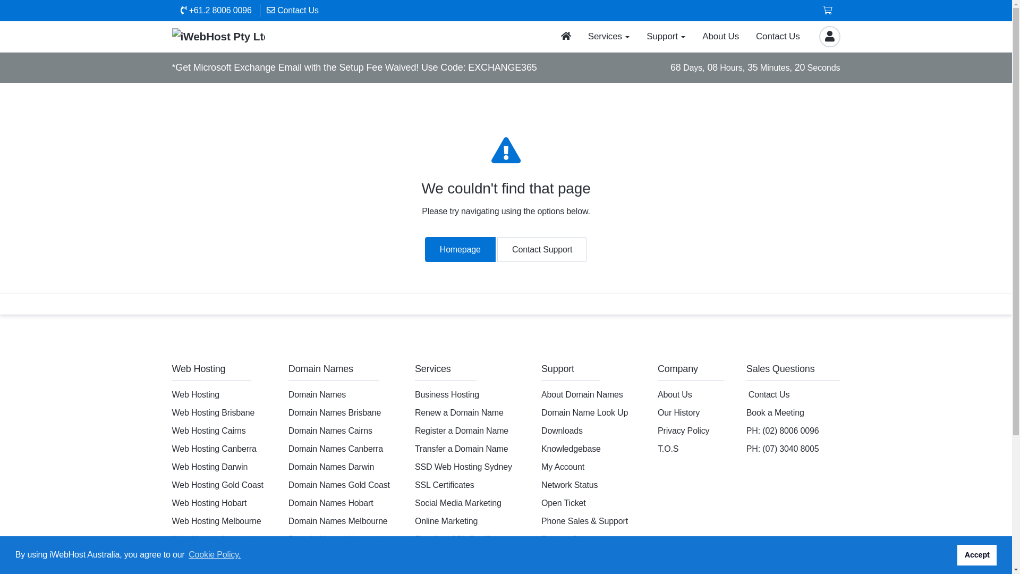 Image resolution: width=1020 pixels, height=574 pixels. What do you see at coordinates (561, 430) in the screenshot?
I see `'Downloads'` at bounding box center [561, 430].